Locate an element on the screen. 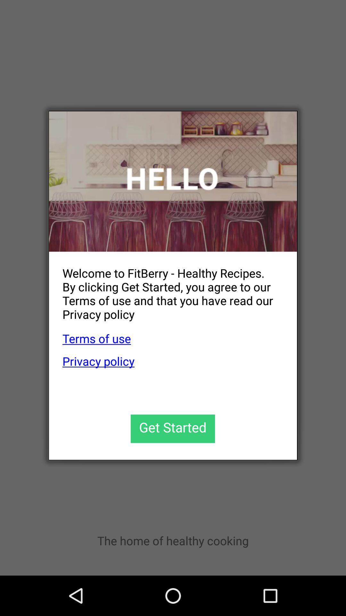 The height and width of the screenshot is (616, 346). welcome to fitberry is located at coordinates (173, 181).